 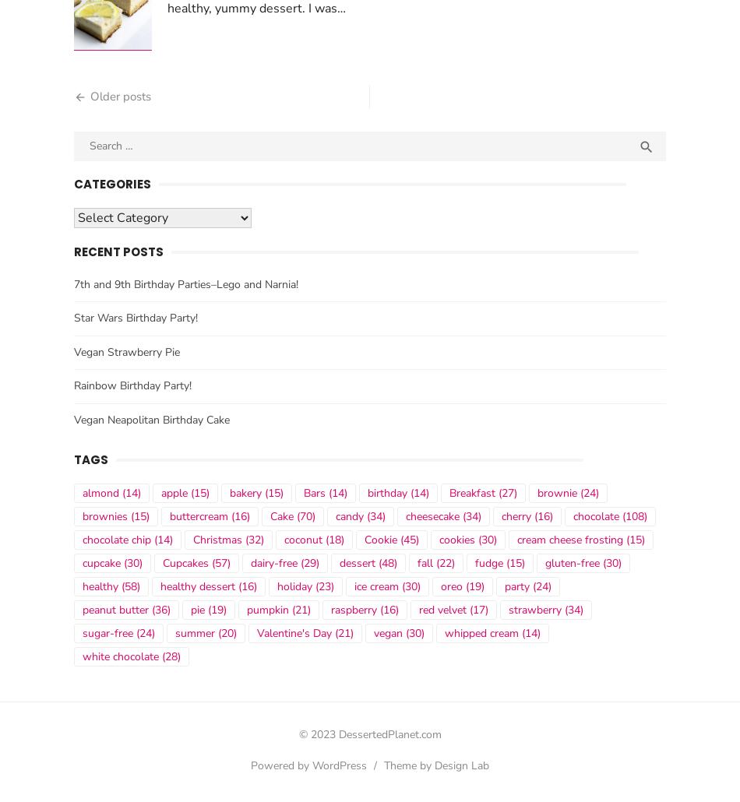 I want to click on 'Vegan Neapolitan Birthday Cake', so click(x=152, y=424).